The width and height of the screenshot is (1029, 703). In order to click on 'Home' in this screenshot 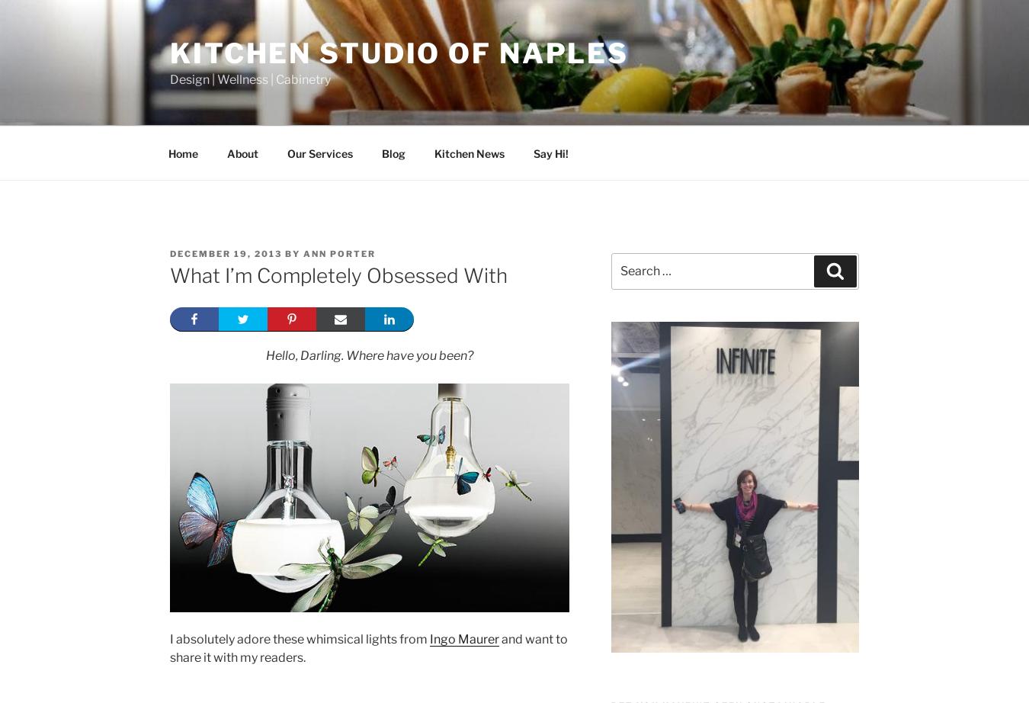, I will do `click(181, 152)`.